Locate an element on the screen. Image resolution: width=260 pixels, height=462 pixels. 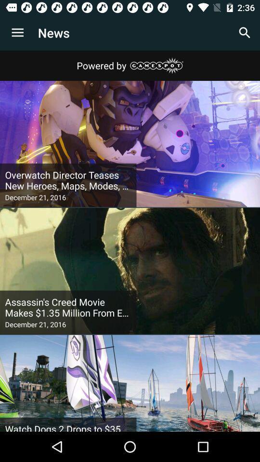
app next to the news item is located at coordinates (245, 33).